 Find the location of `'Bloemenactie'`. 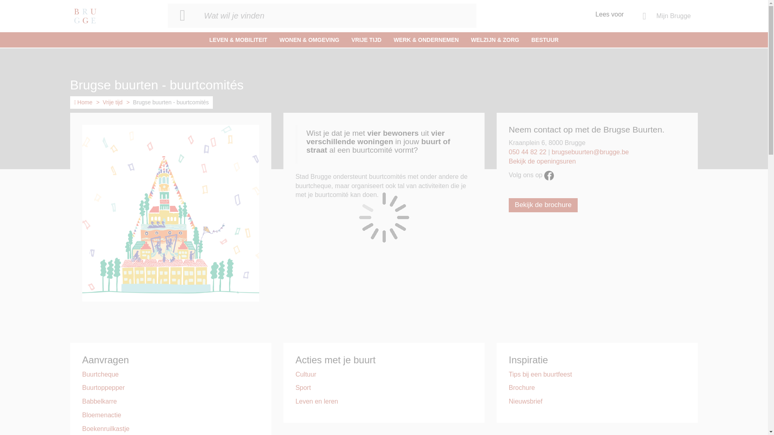

'Bloemenactie' is located at coordinates (101, 415).